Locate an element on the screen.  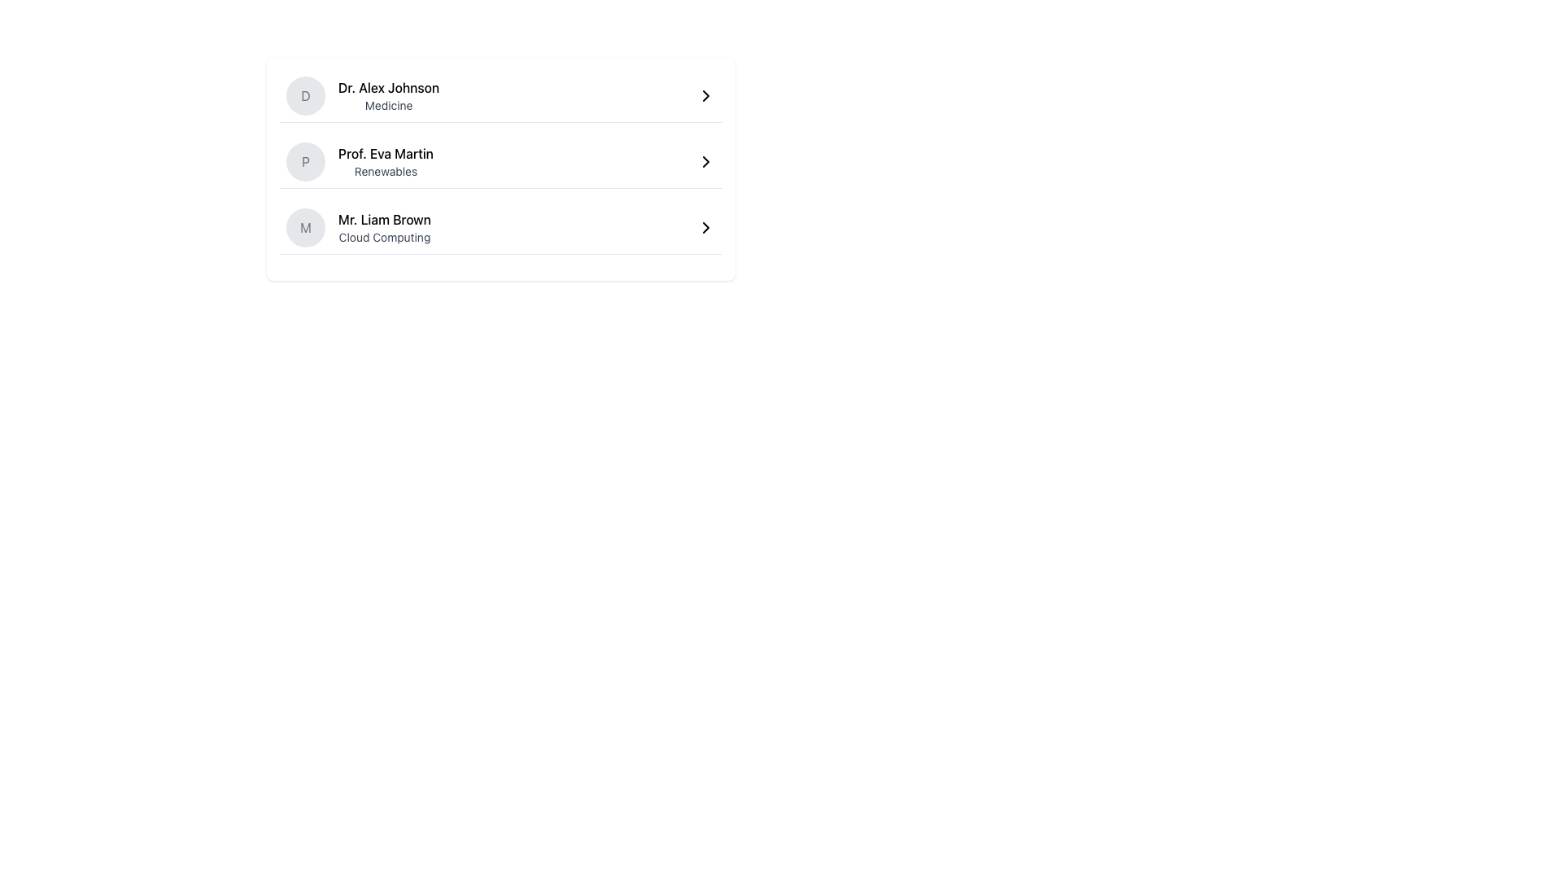
the right-facing chevron icon at the end of the row containing 'Prof. Eva Martin' and 'Renewables' is located at coordinates (706, 162).